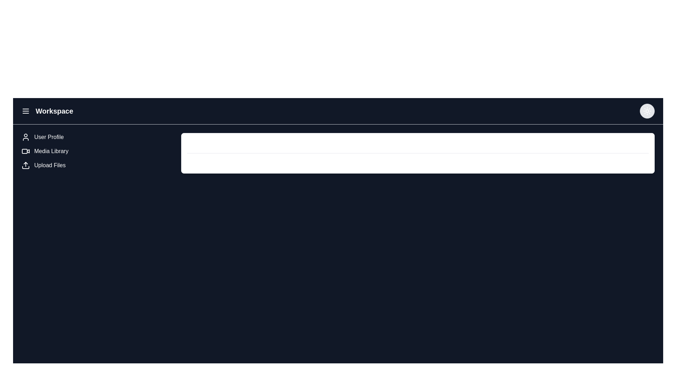 Image resolution: width=678 pixels, height=381 pixels. What do you see at coordinates (54, 111) in the screenshot?
I see `the 'Workspace' text label, which is a bold white text component located in the header section, slightly to the right of the menu icon` at bounding box center [54, 111].